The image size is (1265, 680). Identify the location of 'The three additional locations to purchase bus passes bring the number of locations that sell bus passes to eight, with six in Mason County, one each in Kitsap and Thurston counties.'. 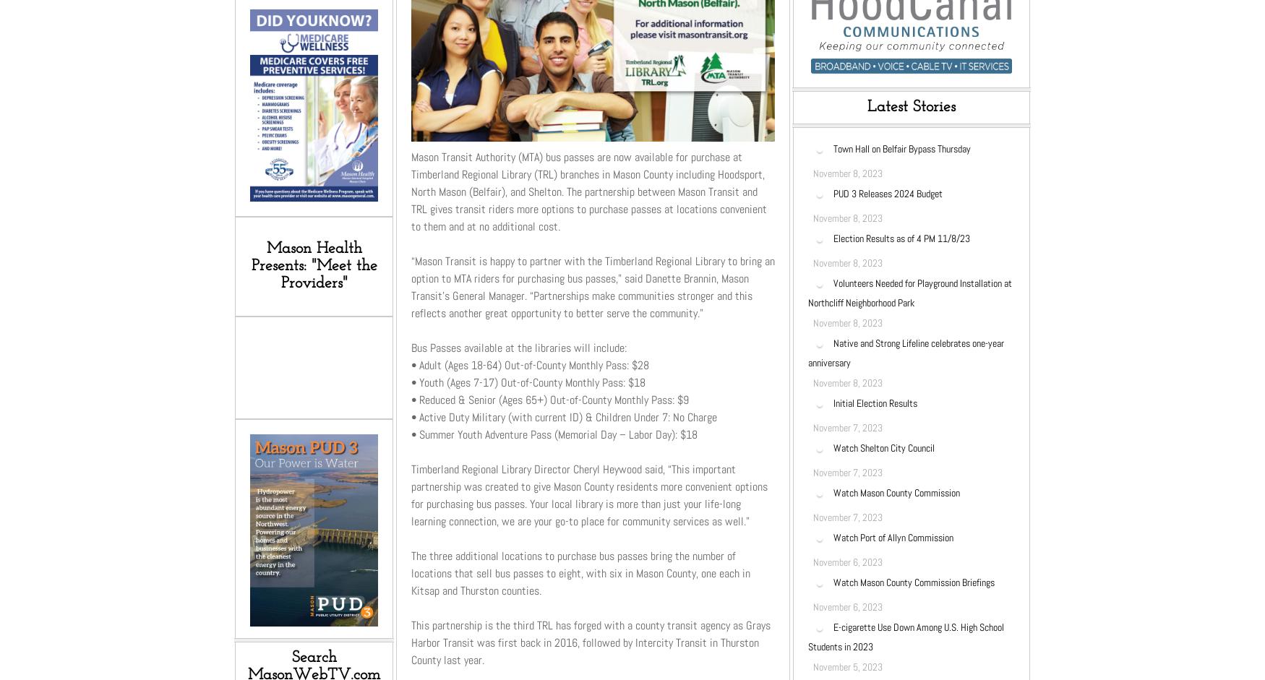
(580, 572).